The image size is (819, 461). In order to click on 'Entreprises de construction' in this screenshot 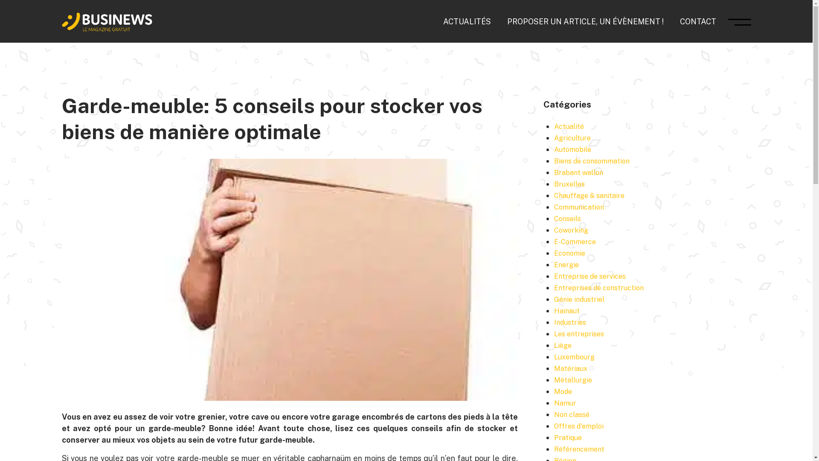, I will do `click(598, 288)`.